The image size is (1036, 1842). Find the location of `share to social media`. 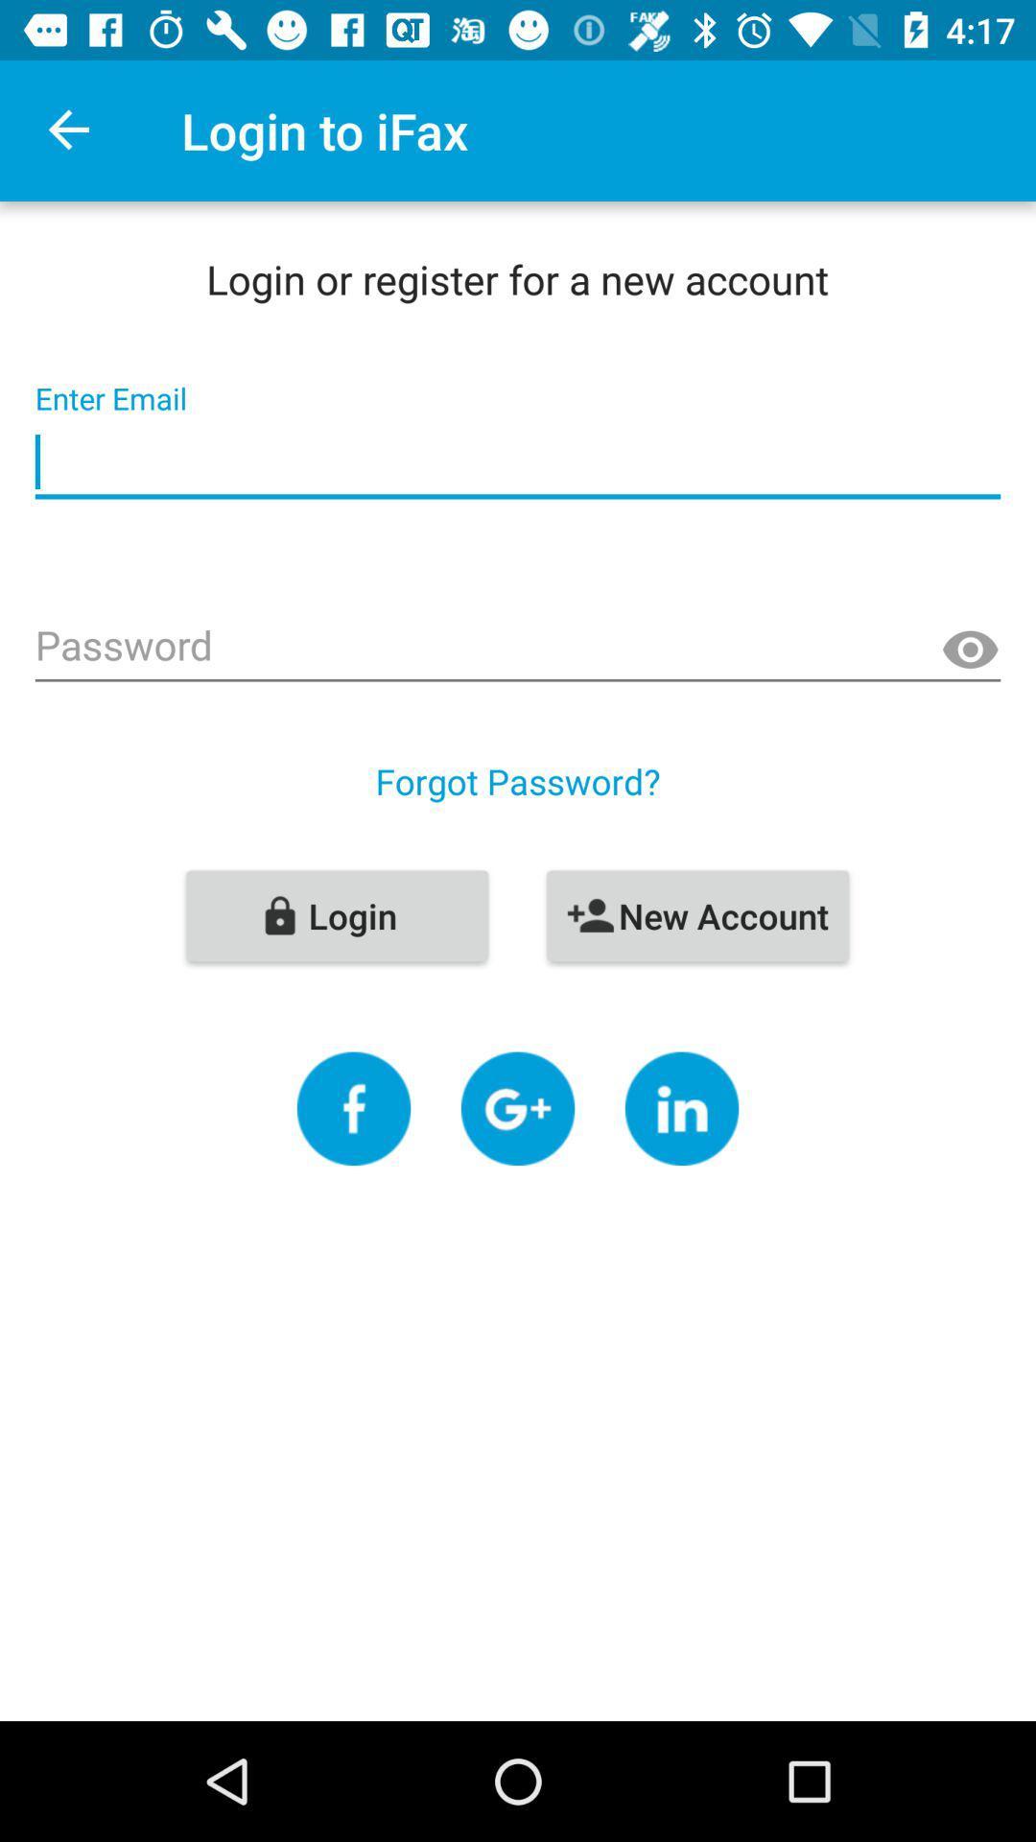

share to social media is located at coordinates (354, 1108).